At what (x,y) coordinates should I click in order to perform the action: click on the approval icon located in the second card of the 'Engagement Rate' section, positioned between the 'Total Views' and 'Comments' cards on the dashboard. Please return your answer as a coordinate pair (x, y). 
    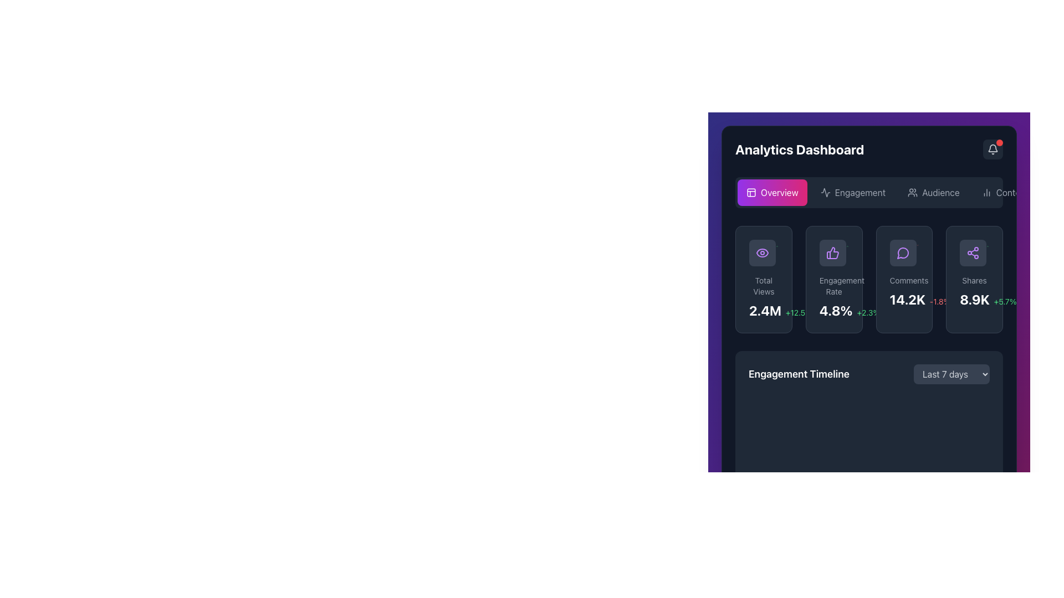
    Looking at the image, I should click on (832, 252).